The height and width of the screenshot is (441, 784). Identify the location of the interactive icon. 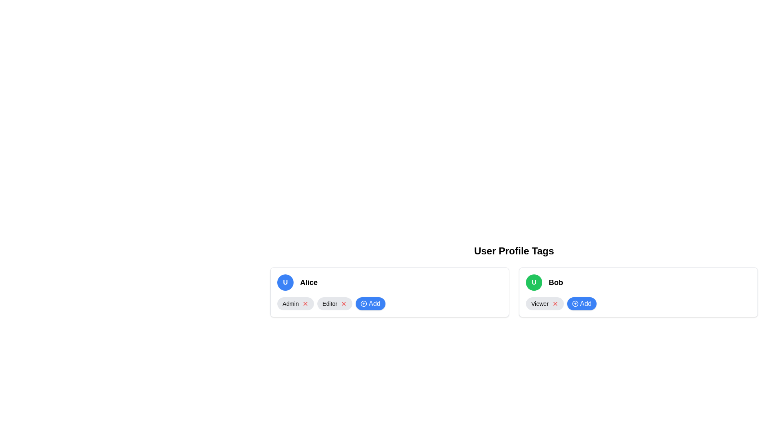
(344, 304).